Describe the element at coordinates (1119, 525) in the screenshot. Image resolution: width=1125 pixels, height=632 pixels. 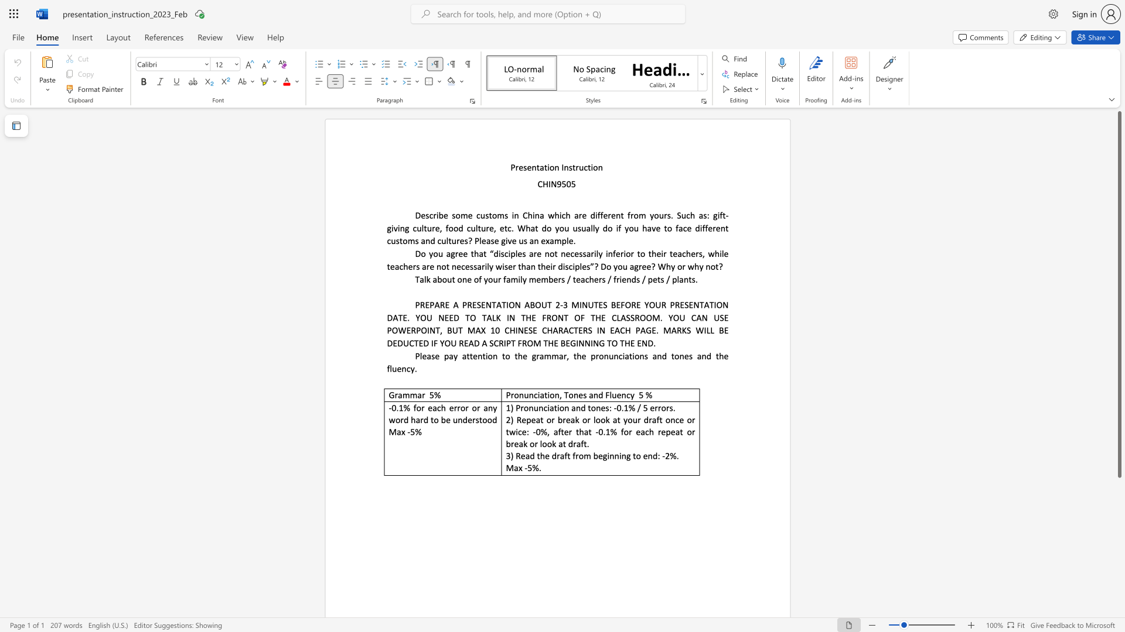
I see `the scrollbar to scroll the page down` at that location.